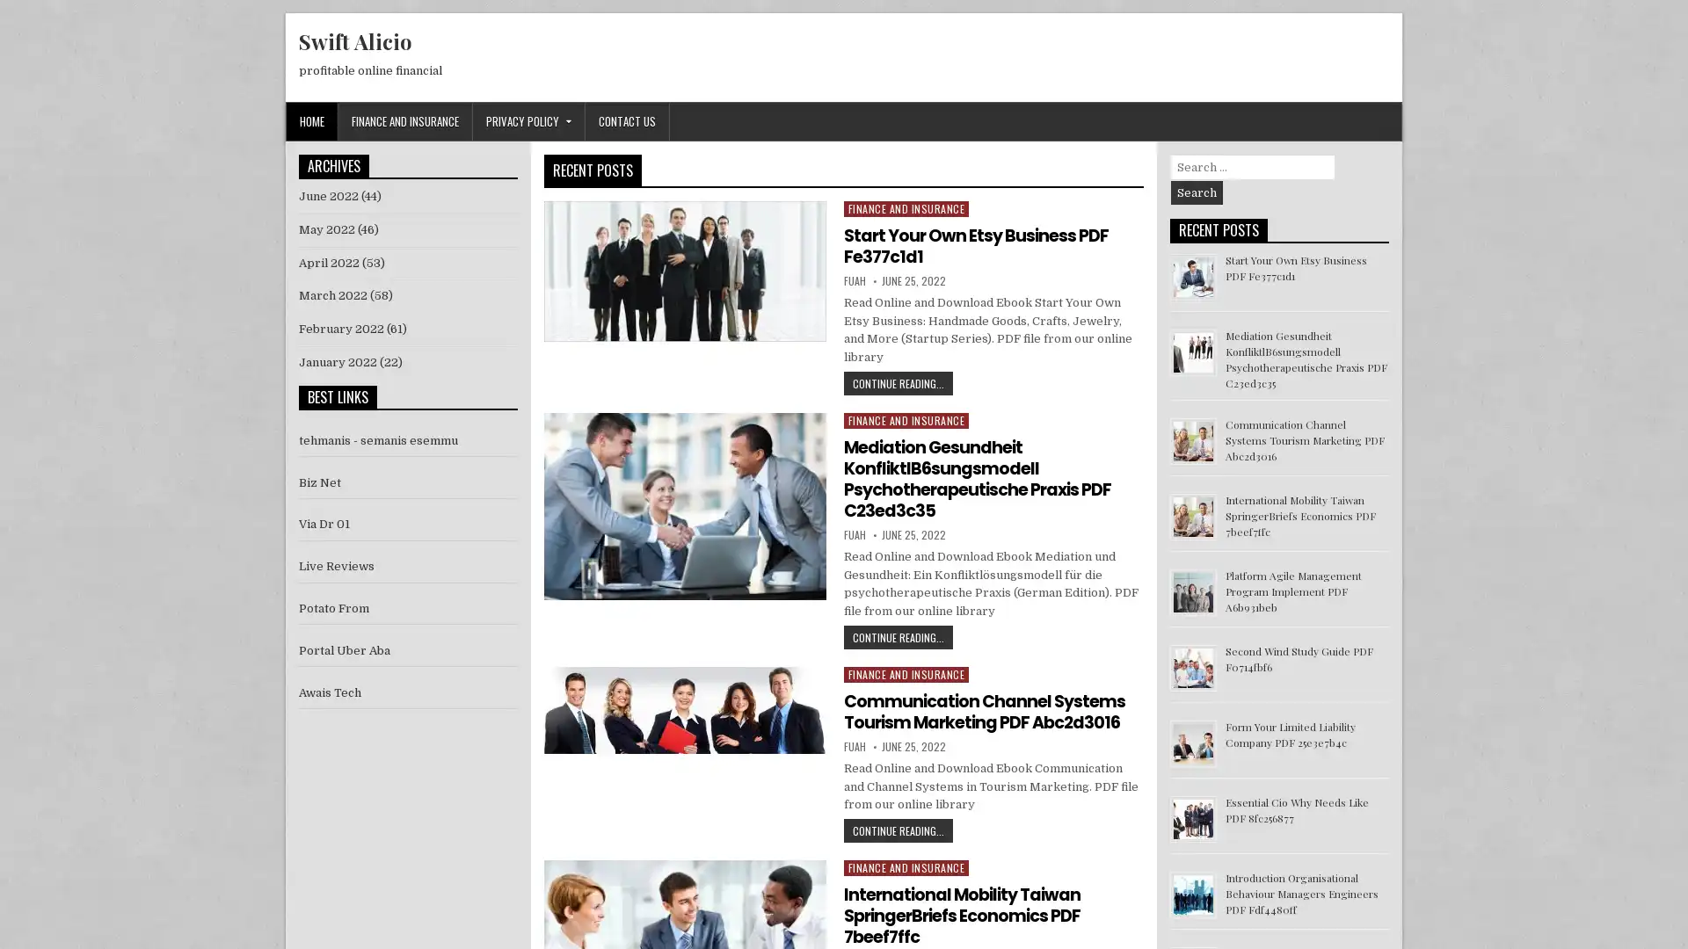  Describe the element at coordinates (1196, 192) in the screenshot. I see `Search` at that location.